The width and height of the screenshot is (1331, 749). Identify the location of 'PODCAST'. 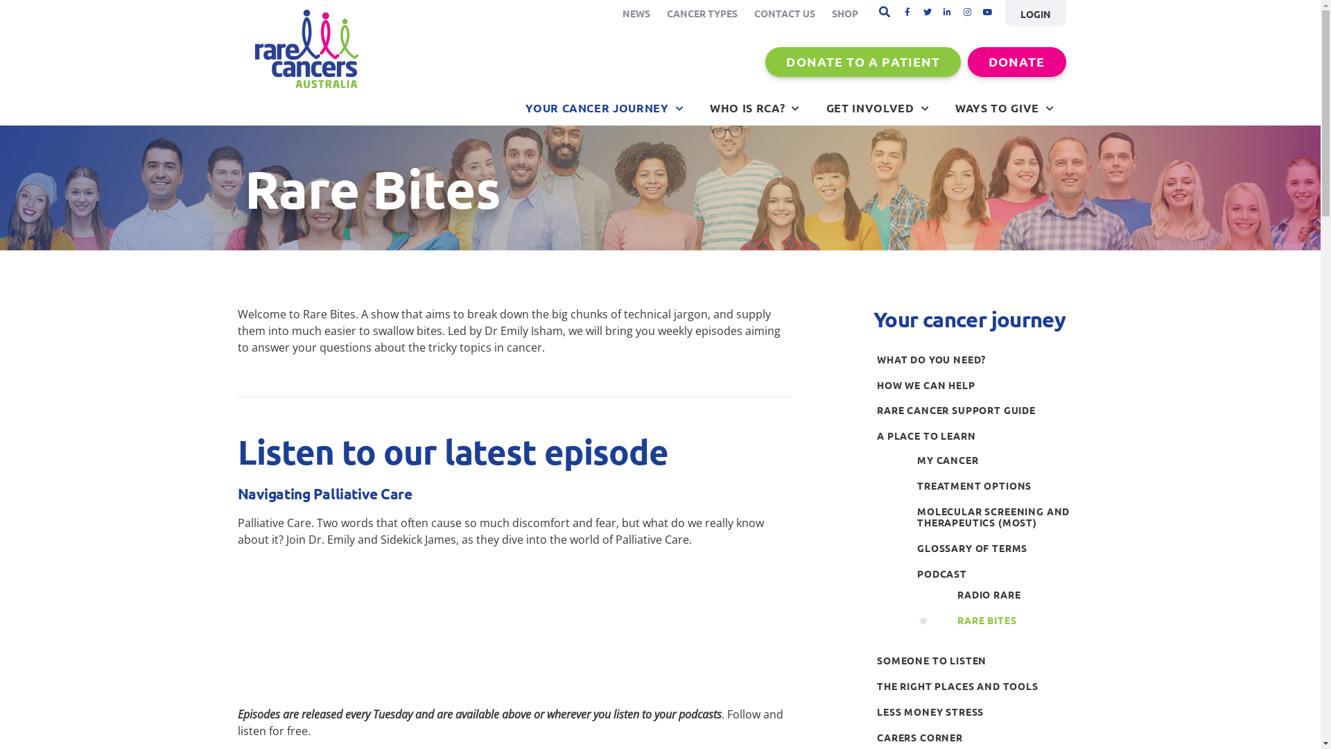
(994, 574).